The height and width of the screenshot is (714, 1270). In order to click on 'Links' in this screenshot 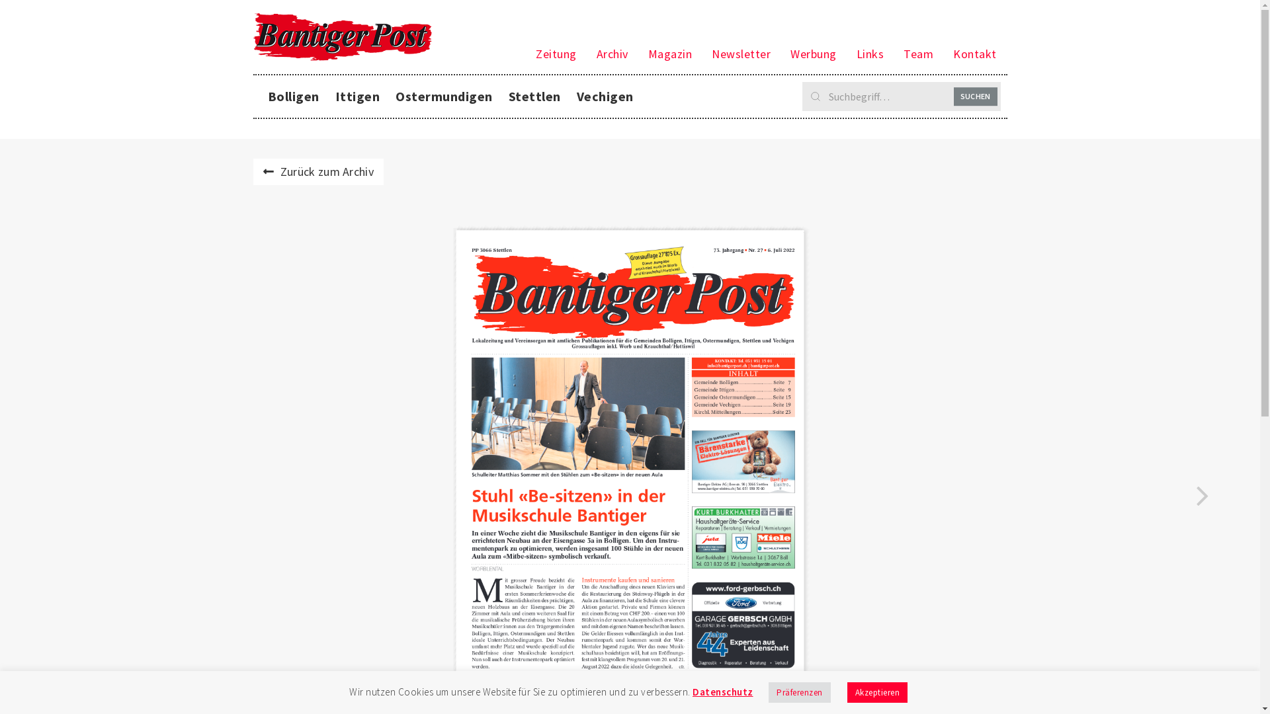, I will do `click(870, 53)`.